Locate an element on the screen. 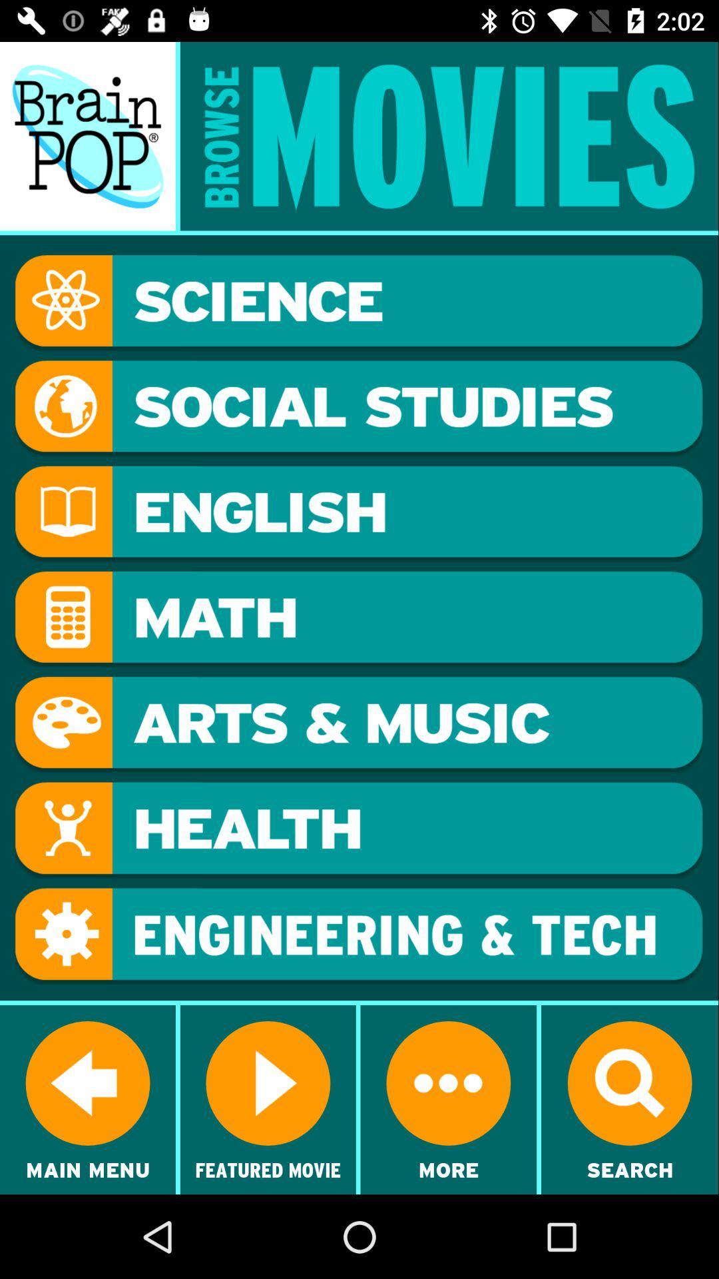 Image resolution: width=719 pixels, height=1279 pixels. math option is located at coordinates (358, 619).